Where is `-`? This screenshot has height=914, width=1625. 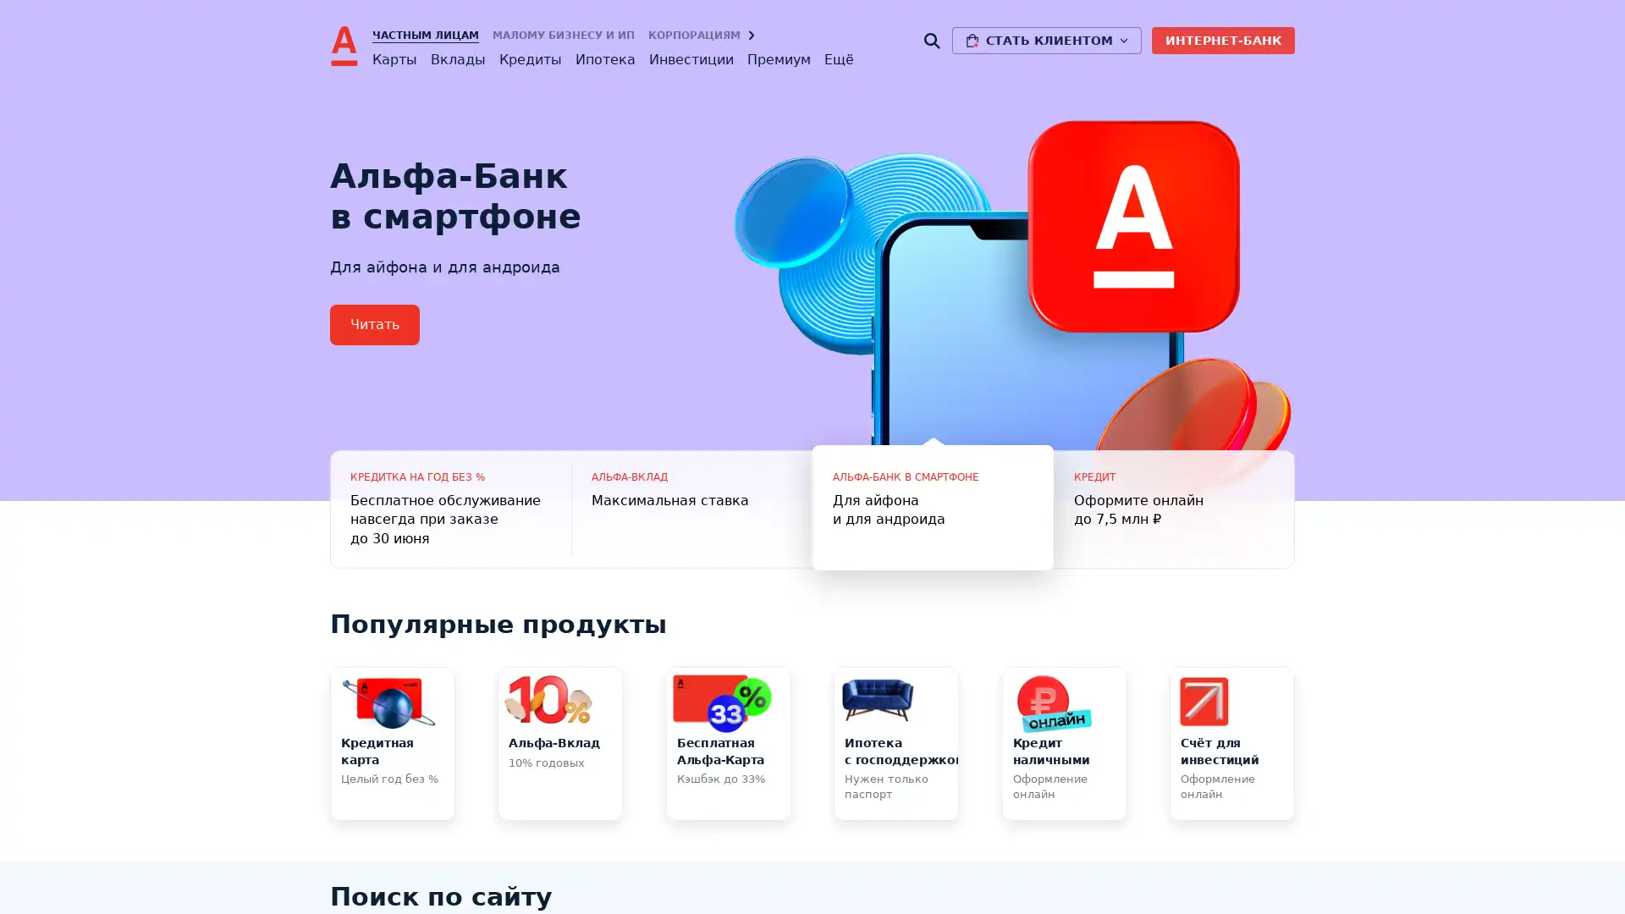
- is located at coordinates (932, 508).